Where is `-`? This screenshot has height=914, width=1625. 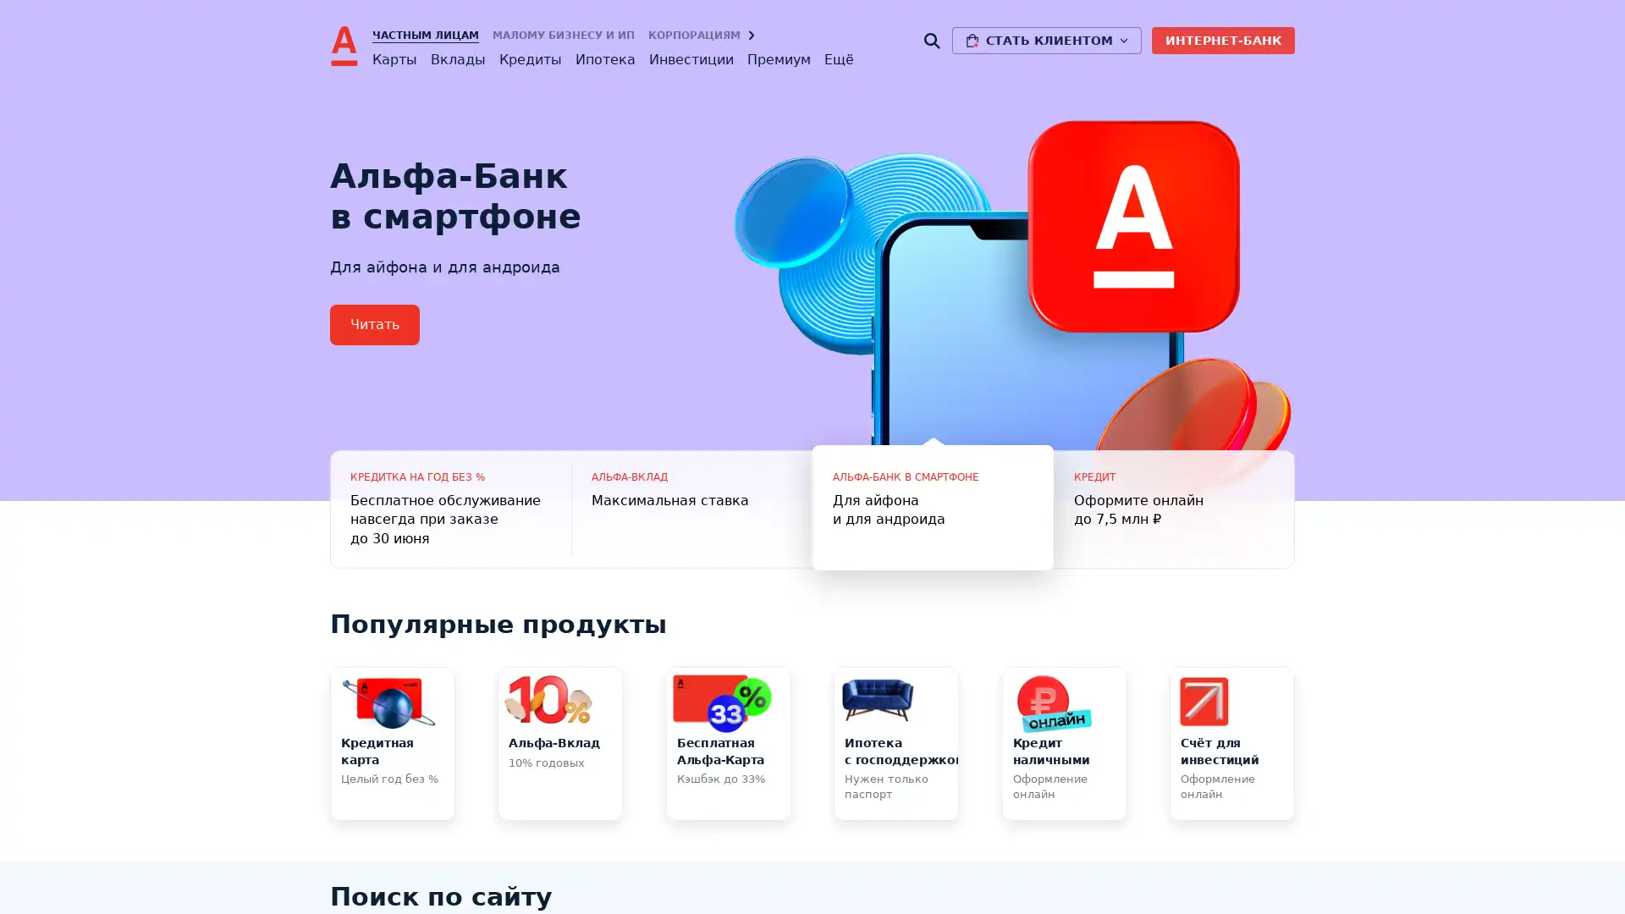
- is located at coordinates (932, 508).